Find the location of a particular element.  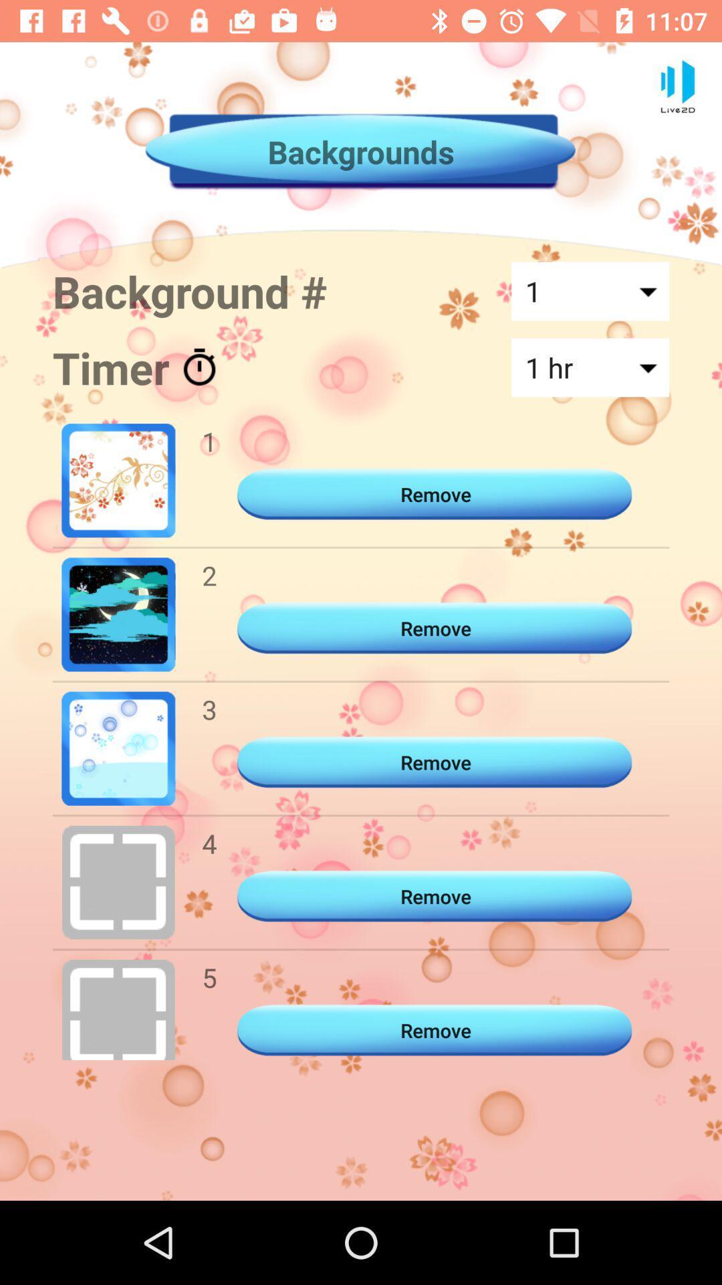

3 item is located at coordinates (209, 709).